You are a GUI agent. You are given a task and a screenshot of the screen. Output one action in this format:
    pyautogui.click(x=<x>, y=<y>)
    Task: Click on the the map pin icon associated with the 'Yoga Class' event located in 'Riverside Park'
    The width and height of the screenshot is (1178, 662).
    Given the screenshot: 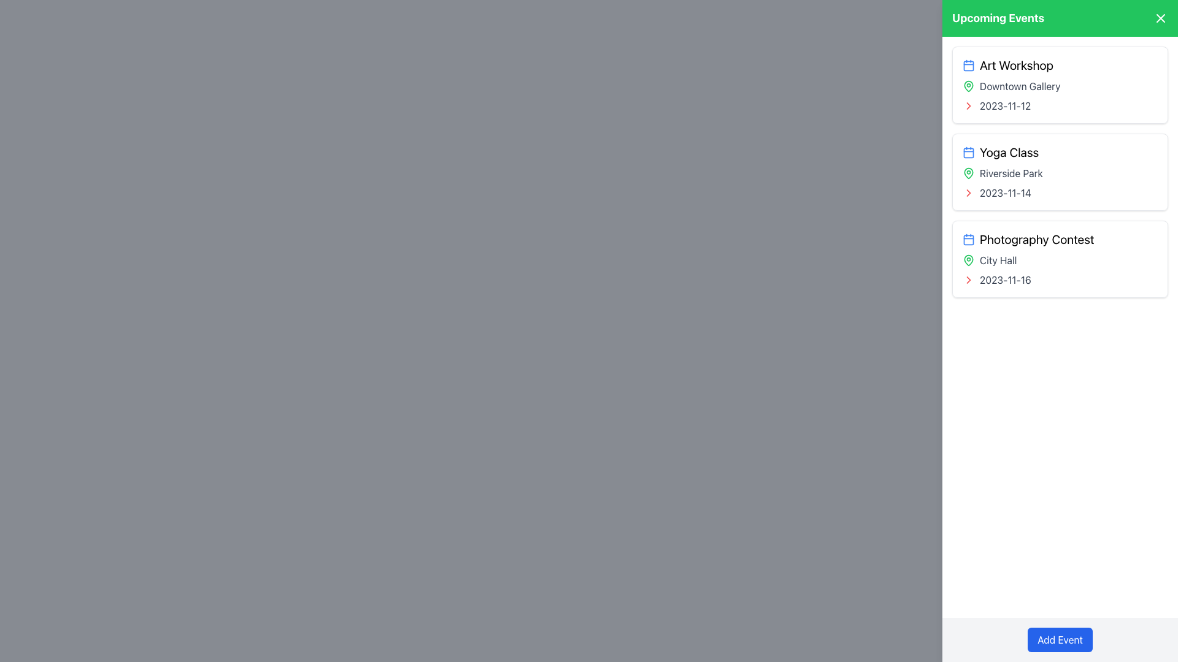 What is the action you would take?
    pyautogui.click(x=968, y=173)
    